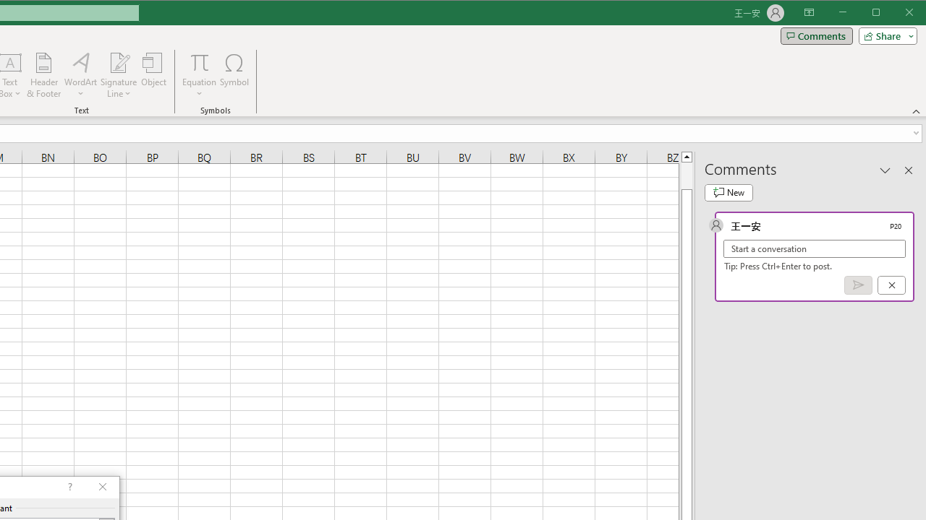 The image size is (926, 520). I want to click on 'Page up', so click(686, 175).